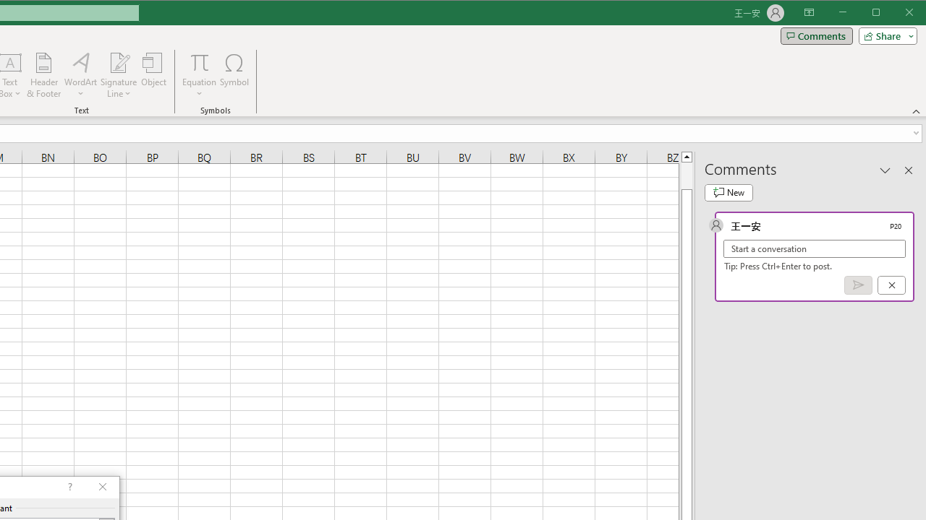 The image size is (926, 520). I want to click on 'Page up', so click(686, 175).